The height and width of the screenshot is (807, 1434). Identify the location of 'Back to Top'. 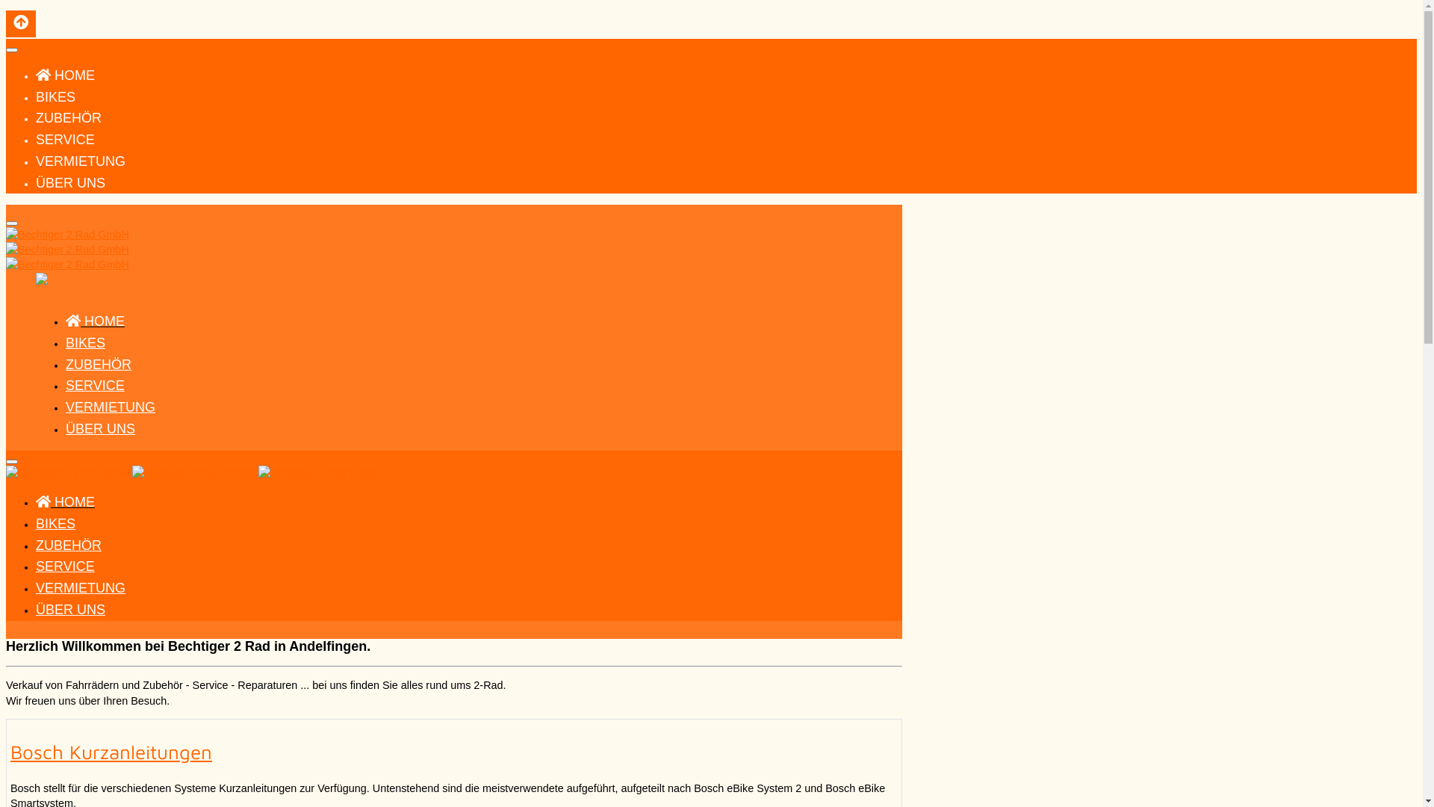
(21, 23).